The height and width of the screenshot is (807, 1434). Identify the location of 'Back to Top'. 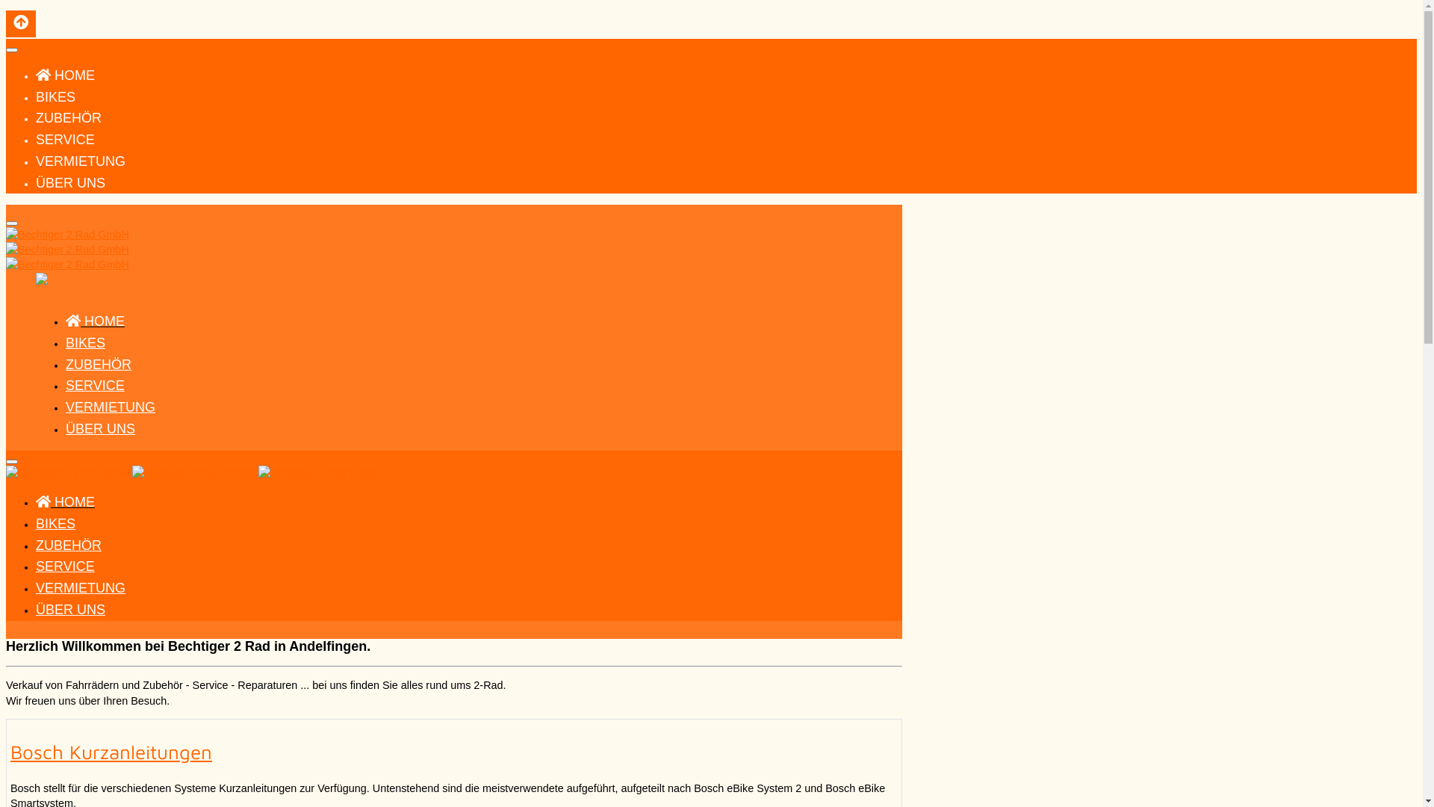
(21, 23).